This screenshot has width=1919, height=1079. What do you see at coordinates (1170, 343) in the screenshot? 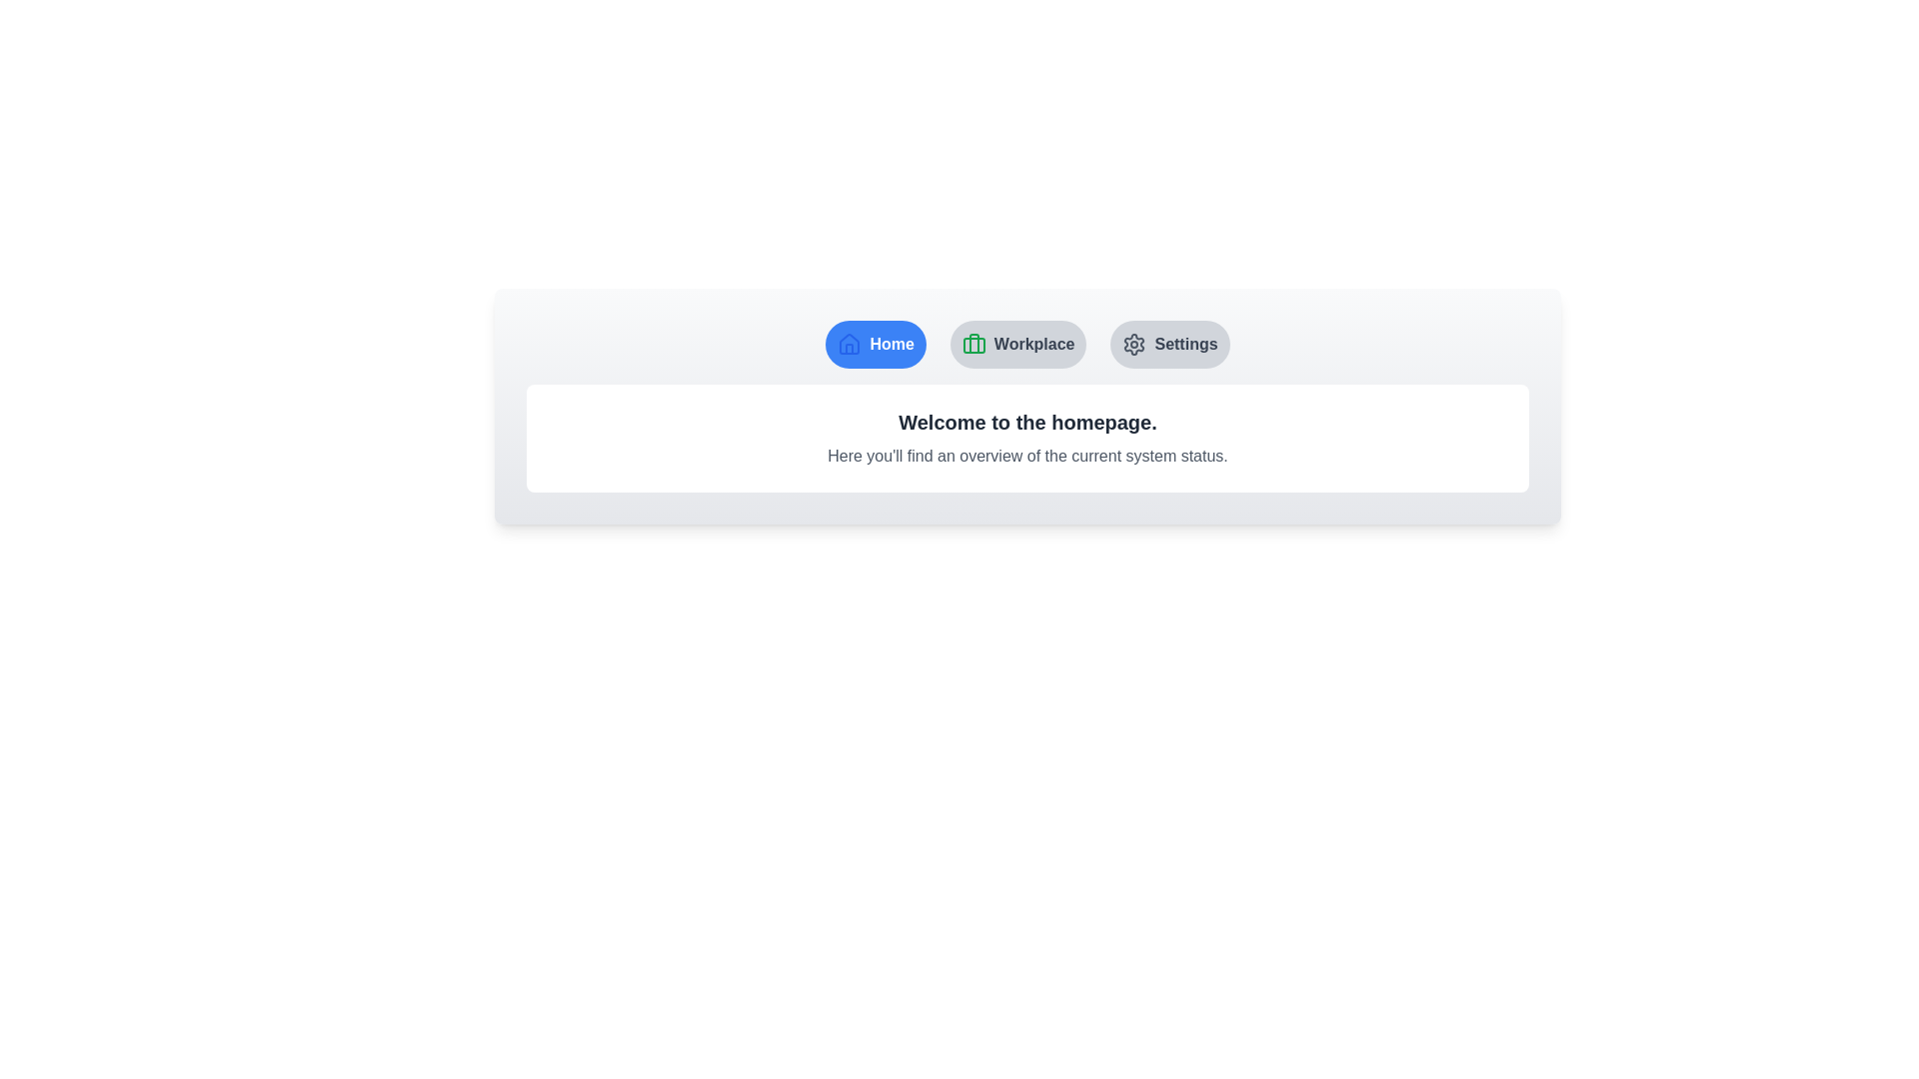
I see `the button labeled Settings to observe its hover effect` at bounding box center [1170, 343].